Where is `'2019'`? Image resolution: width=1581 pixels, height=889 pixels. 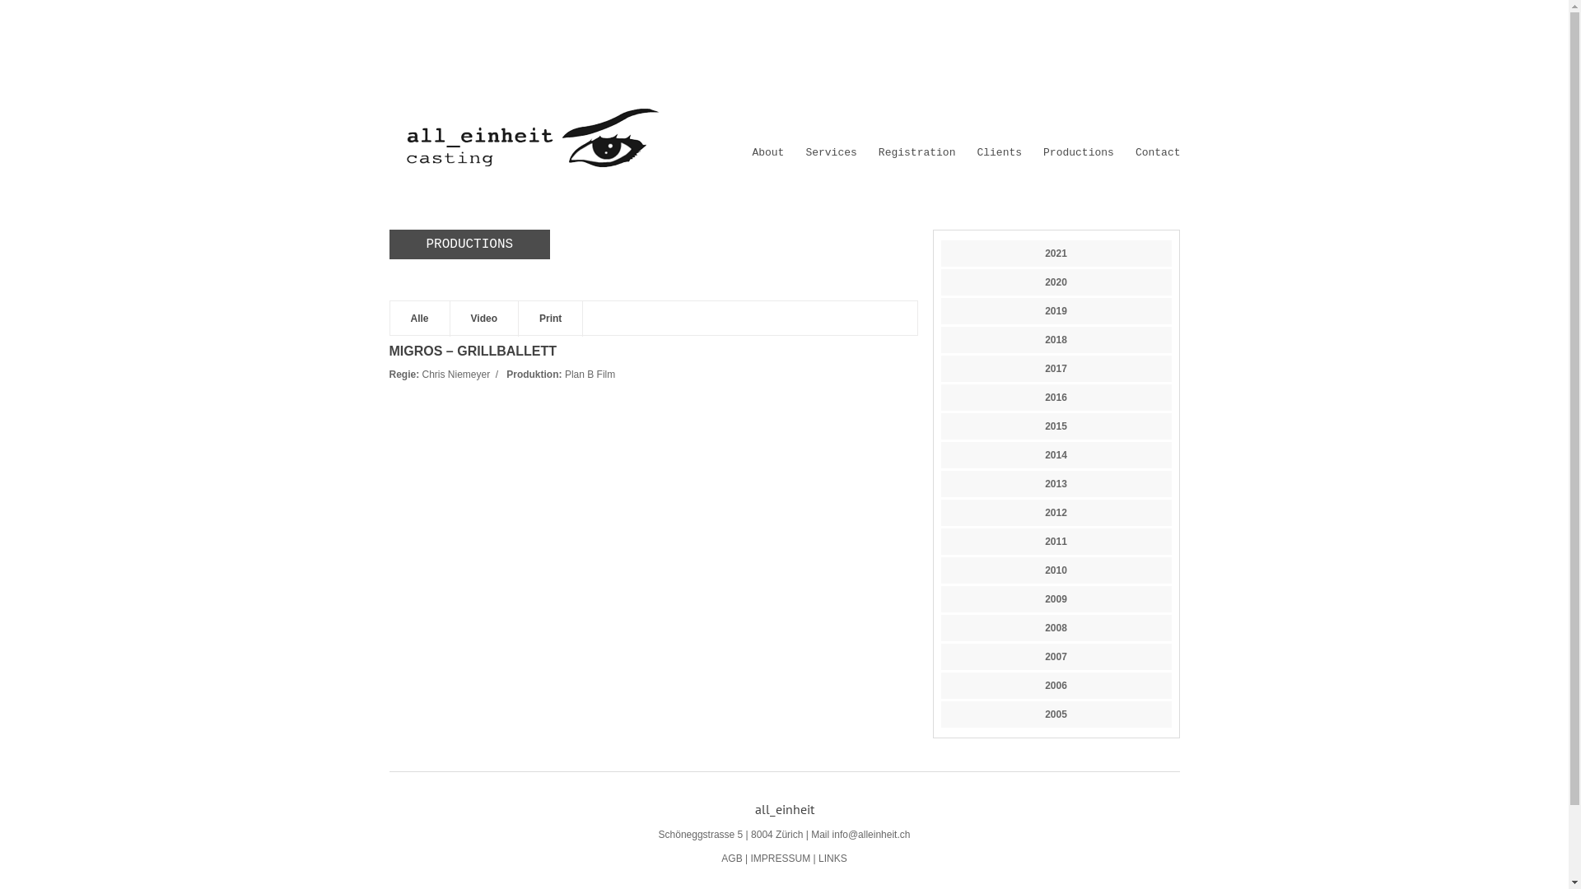 '2019' is located at coordinates (1043, 311).